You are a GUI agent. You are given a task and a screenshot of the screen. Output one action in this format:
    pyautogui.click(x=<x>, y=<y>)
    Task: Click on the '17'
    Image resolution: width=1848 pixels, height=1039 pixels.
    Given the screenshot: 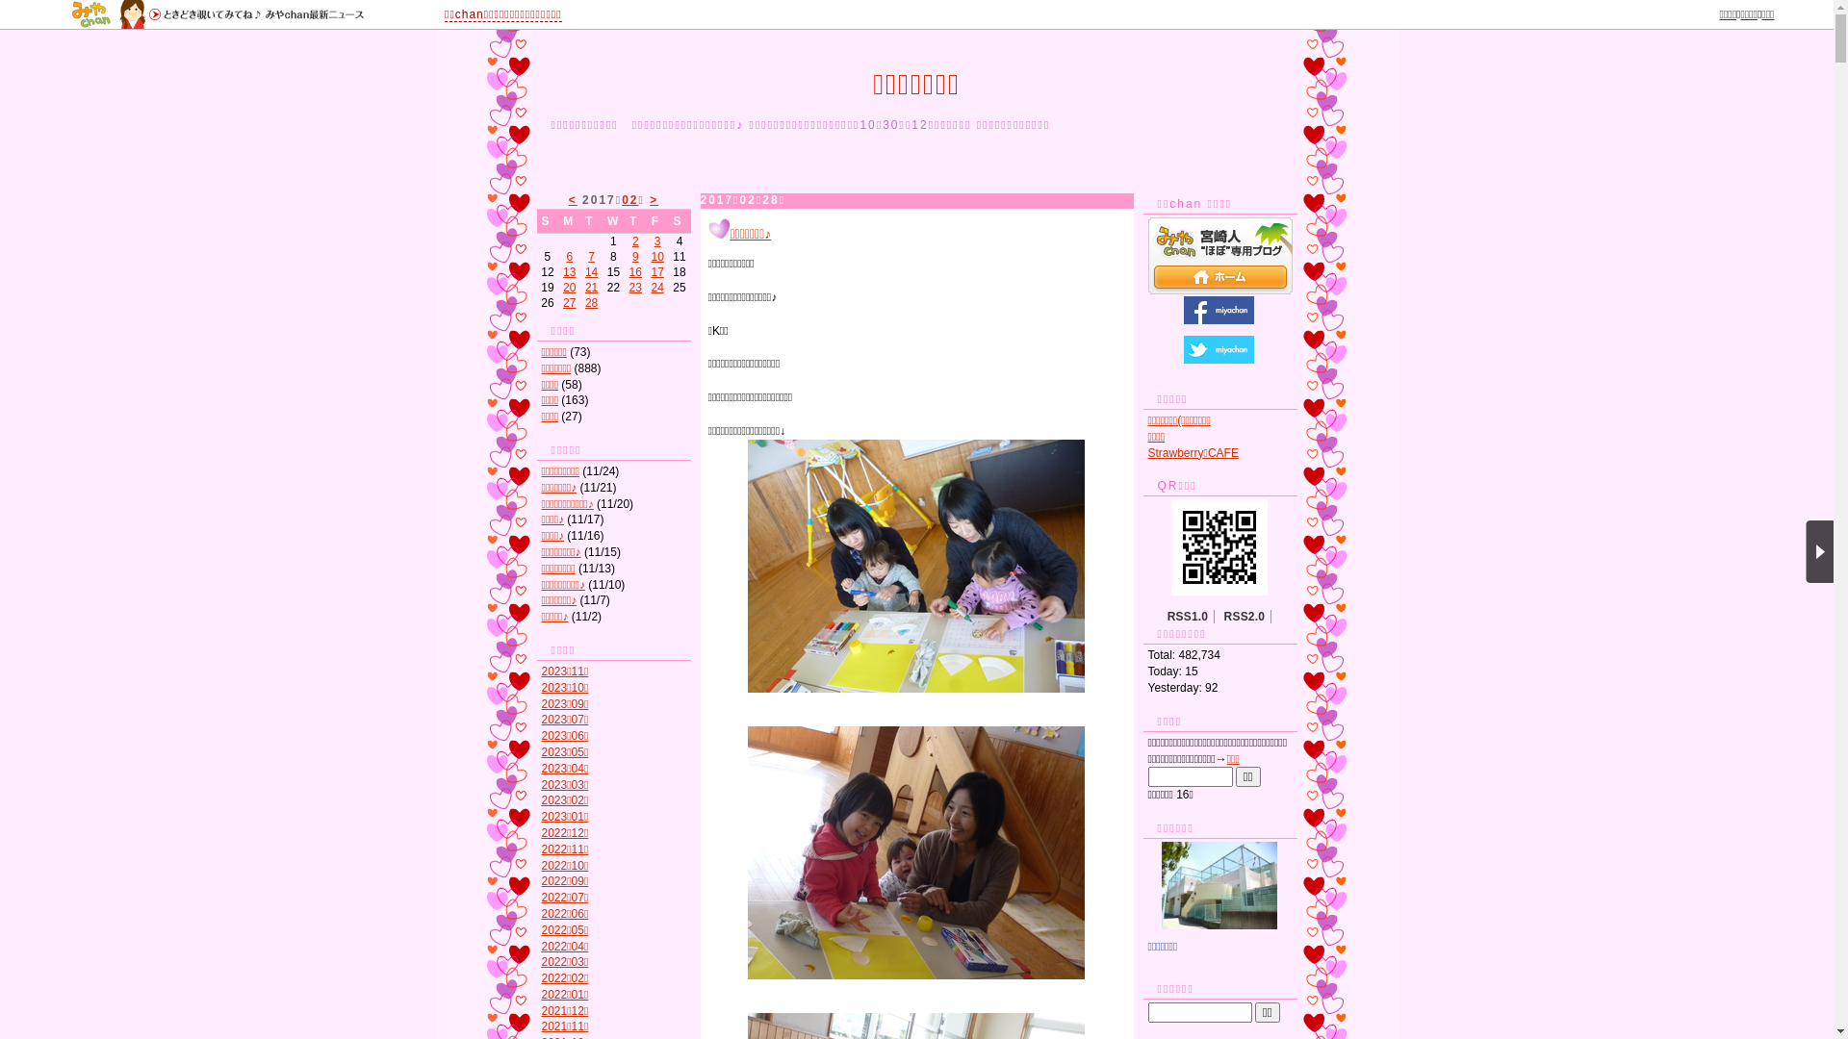 What is the action you would take?
    pyautogui.click(x=651, y=271)
    